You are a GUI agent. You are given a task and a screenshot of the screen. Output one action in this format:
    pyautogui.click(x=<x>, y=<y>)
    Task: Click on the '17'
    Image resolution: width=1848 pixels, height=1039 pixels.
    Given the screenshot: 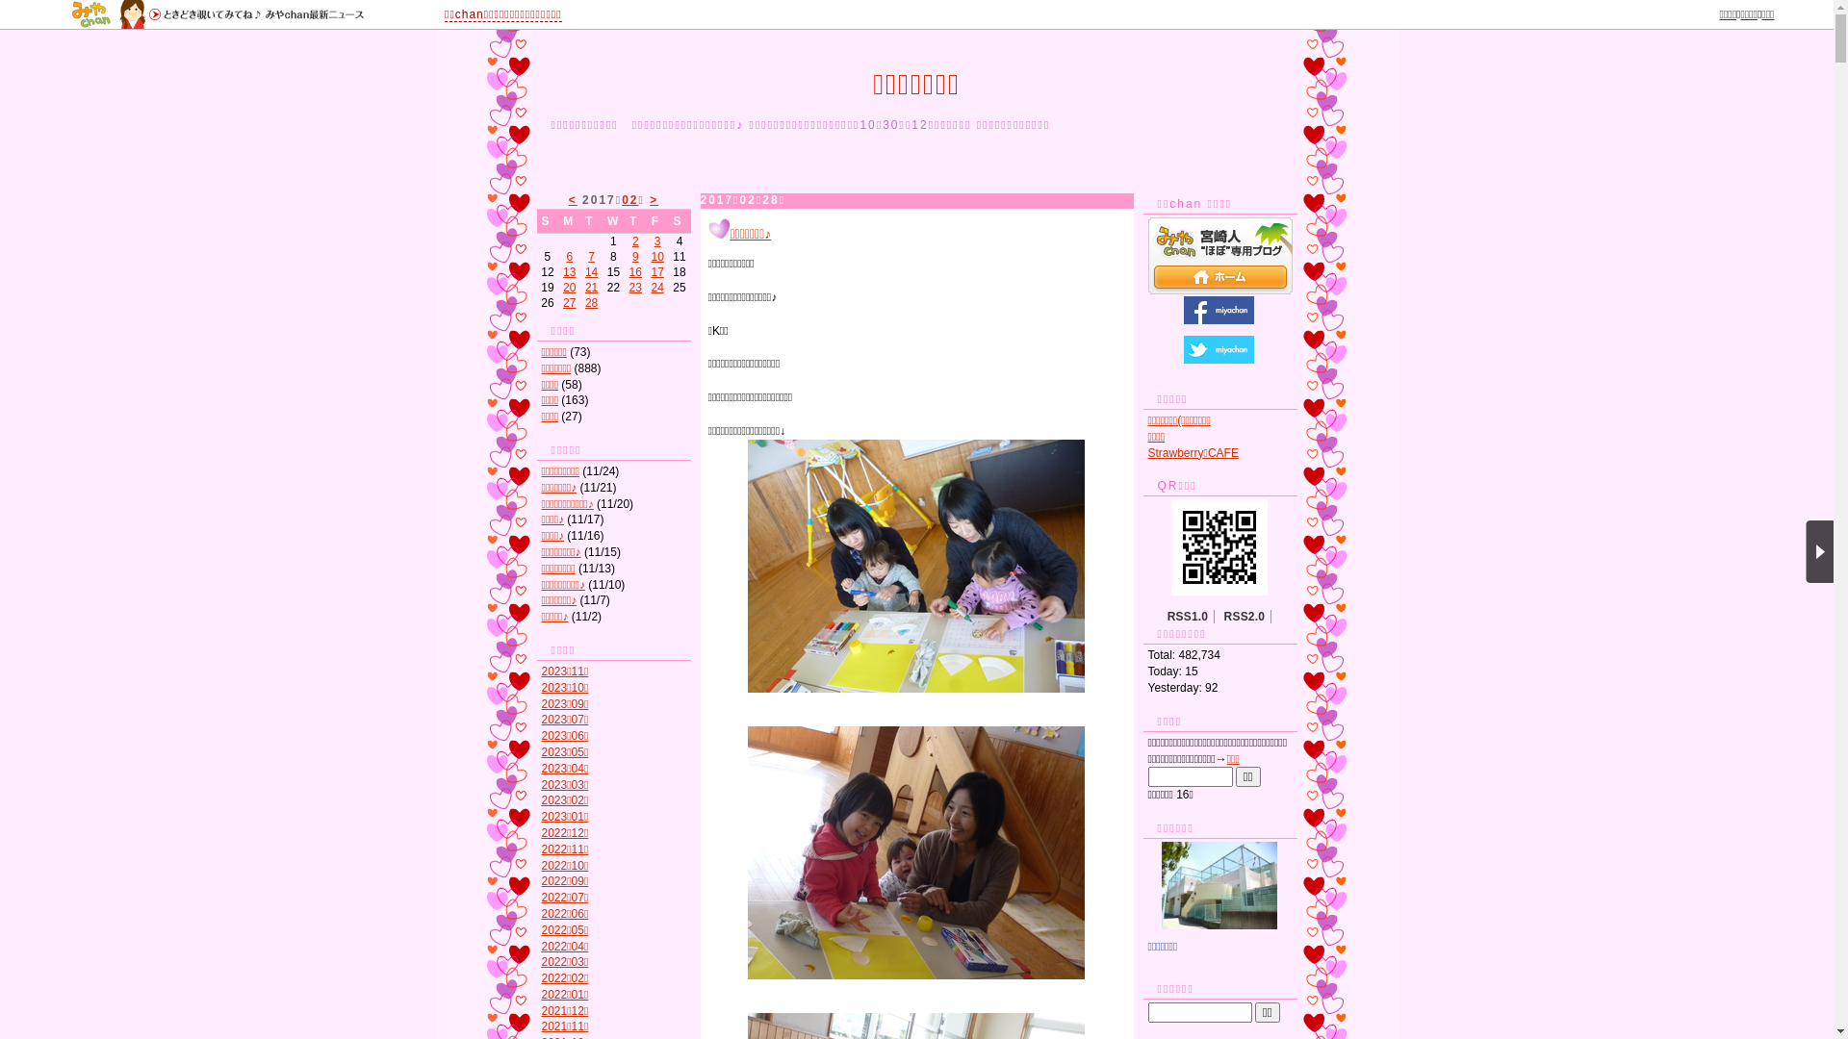 What is the action you would take?
    pyautogui.click(x=651, y=271)
    